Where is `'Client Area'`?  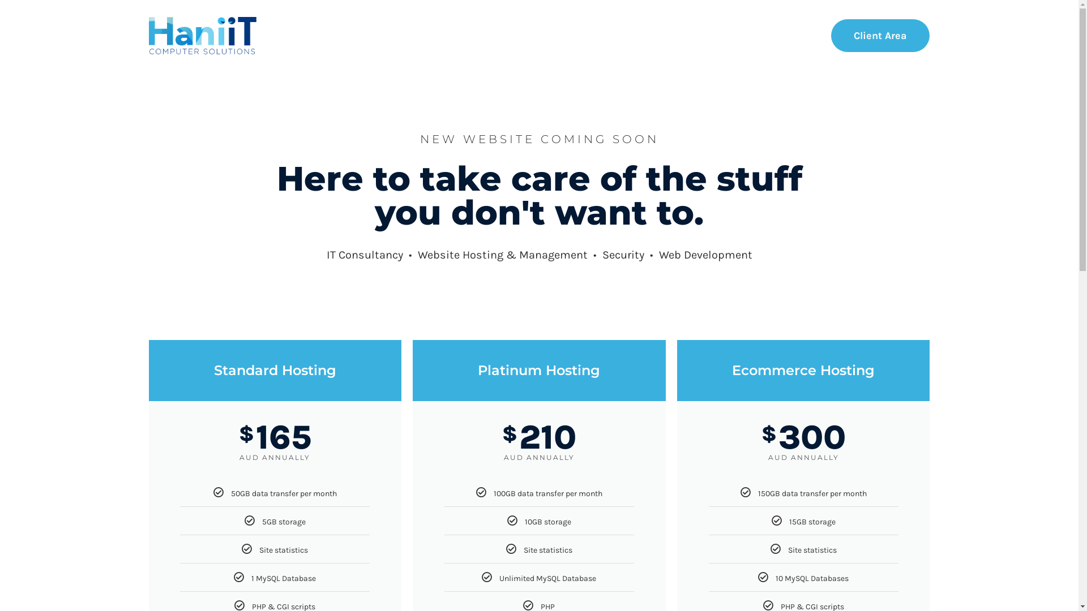
'Client Area' is located at coordinates (831, 35).